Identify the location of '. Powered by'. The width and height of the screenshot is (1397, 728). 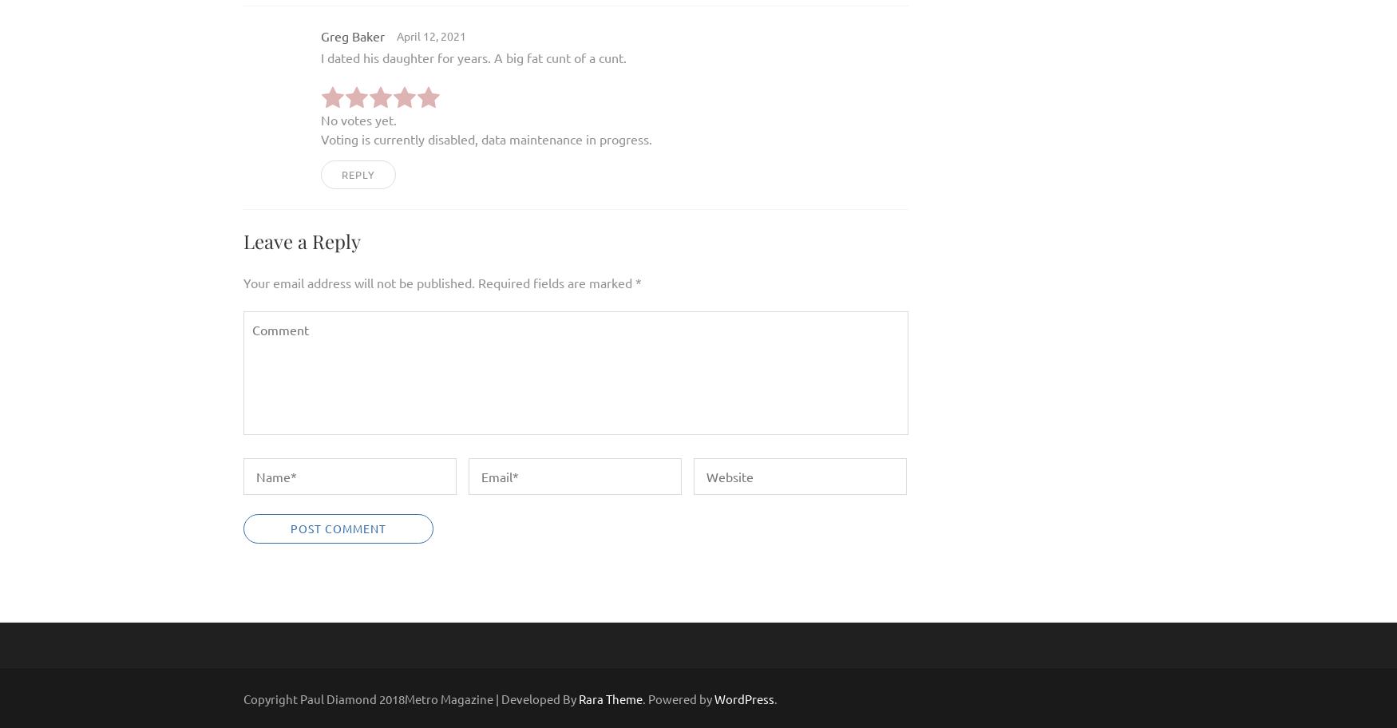
(678, 698).